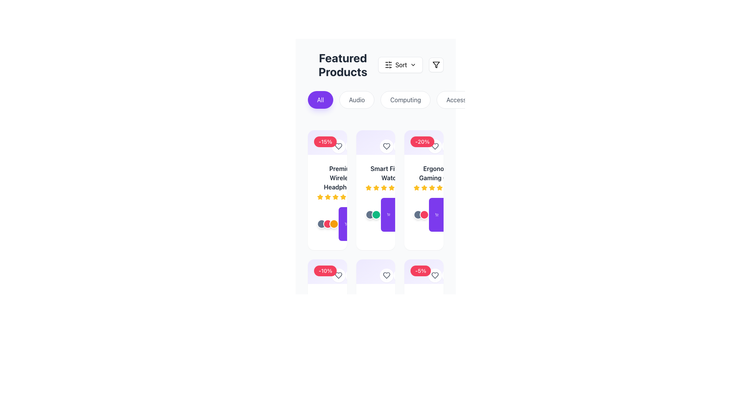  What do you see at coordinates (421, 215) in the screenshot?
I see `the red circular button of the toggle selection component located at the bottom section of the rightmost product card, which is positioned above the 'Add to Cart' button` at bounding box center [421, 215].